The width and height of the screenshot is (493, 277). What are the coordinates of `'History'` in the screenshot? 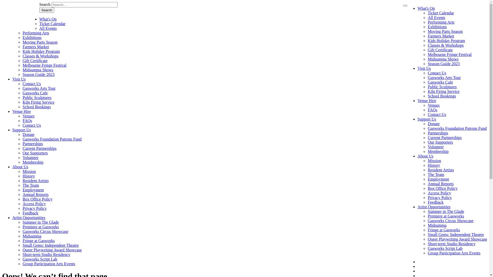 It's located at (28, 176).